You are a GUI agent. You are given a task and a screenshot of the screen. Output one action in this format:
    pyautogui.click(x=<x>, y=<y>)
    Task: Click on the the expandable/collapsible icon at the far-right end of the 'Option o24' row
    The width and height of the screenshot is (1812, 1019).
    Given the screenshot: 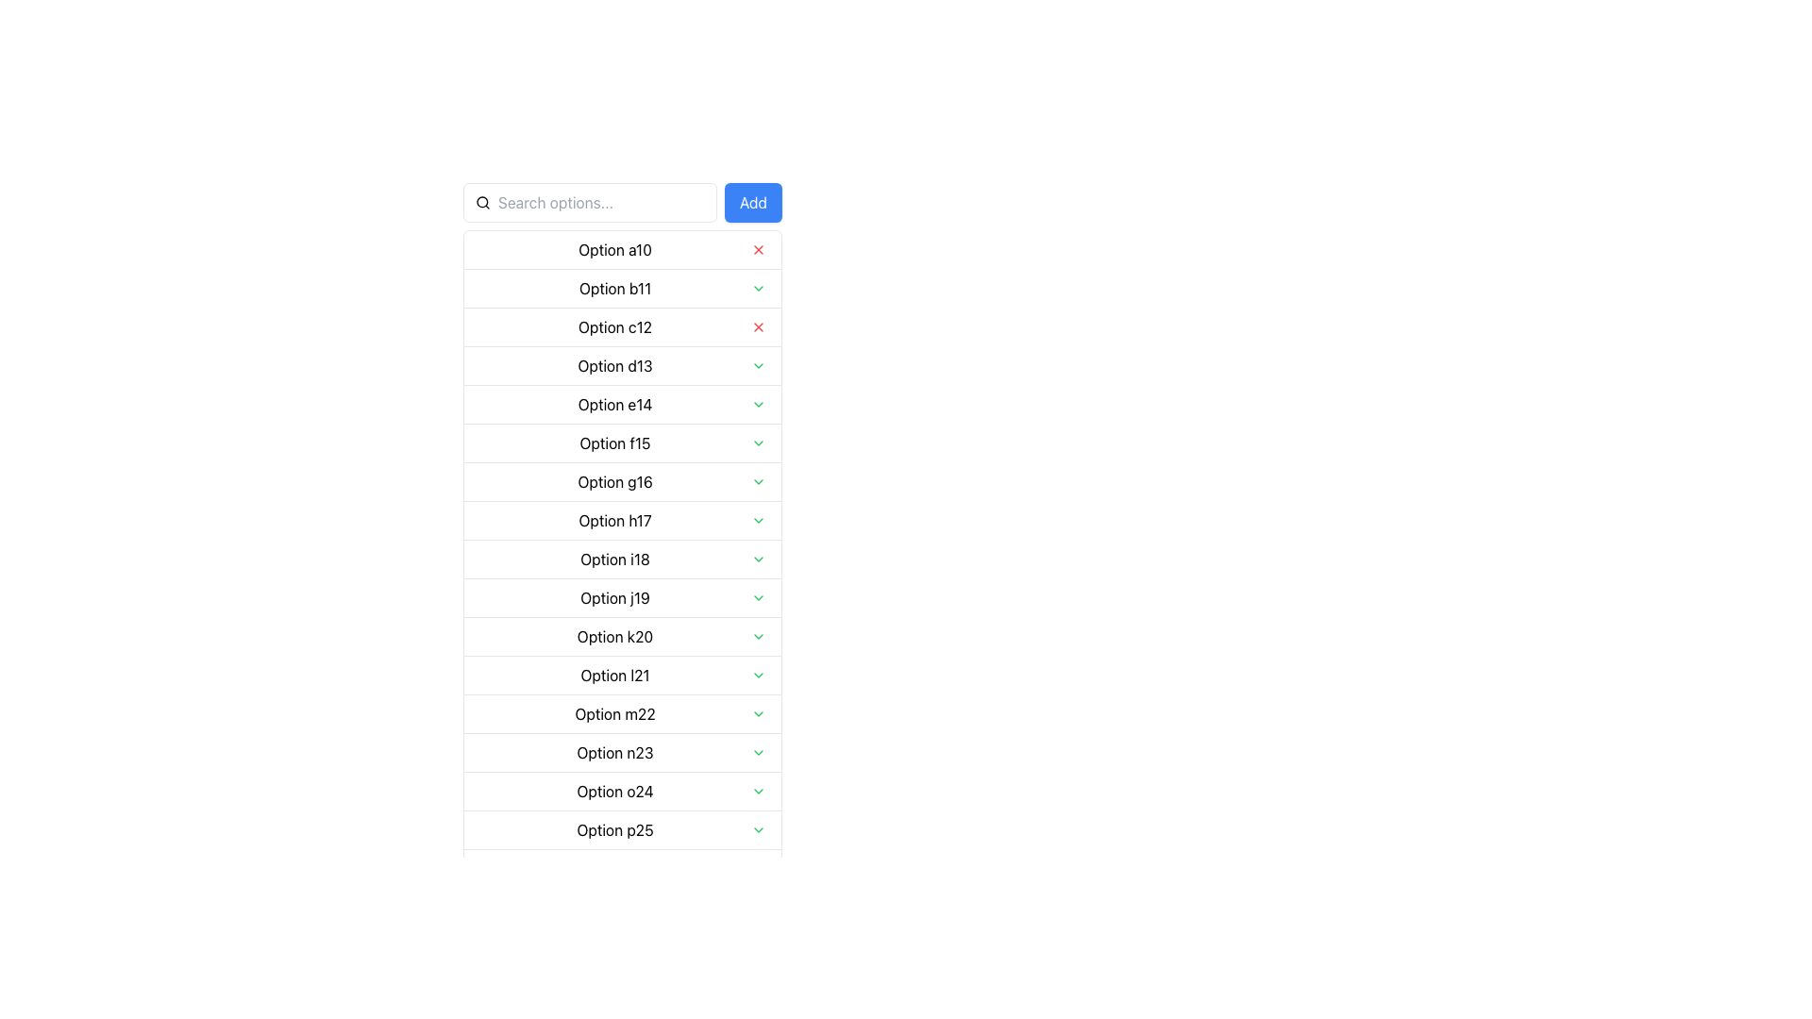 What is the action you would take?
    pyautogui.click(x=759, y=792)
    